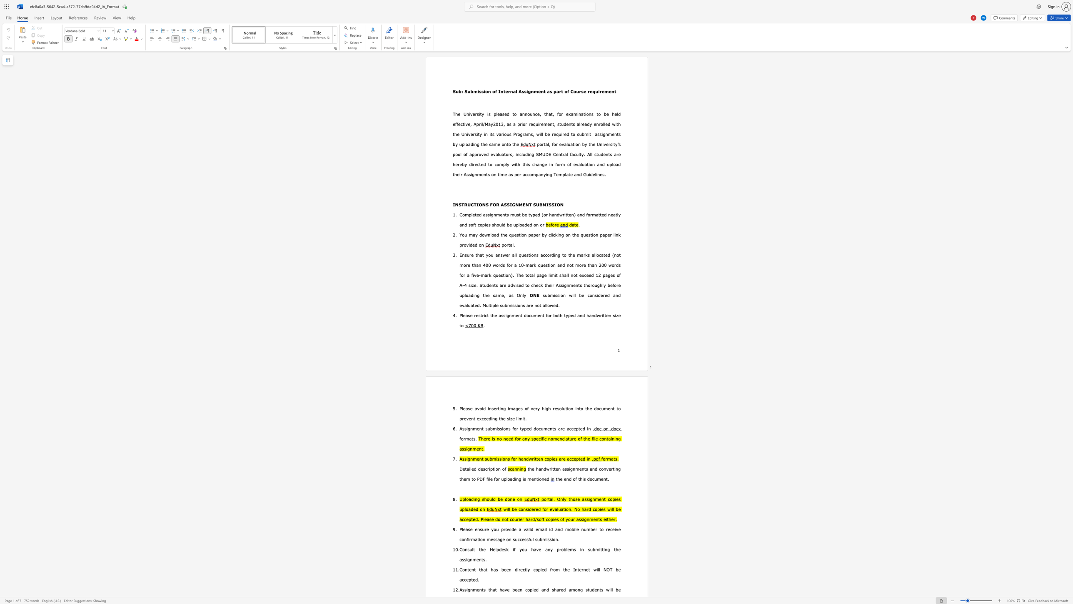  I want to click on the subset text "ation by the University’s pool of approved evaluato" within the text "for evaluation by the University’s pool of approved evaluators, including SMUDE Central faculty. All students are hereby directed to", so click(570, 144).